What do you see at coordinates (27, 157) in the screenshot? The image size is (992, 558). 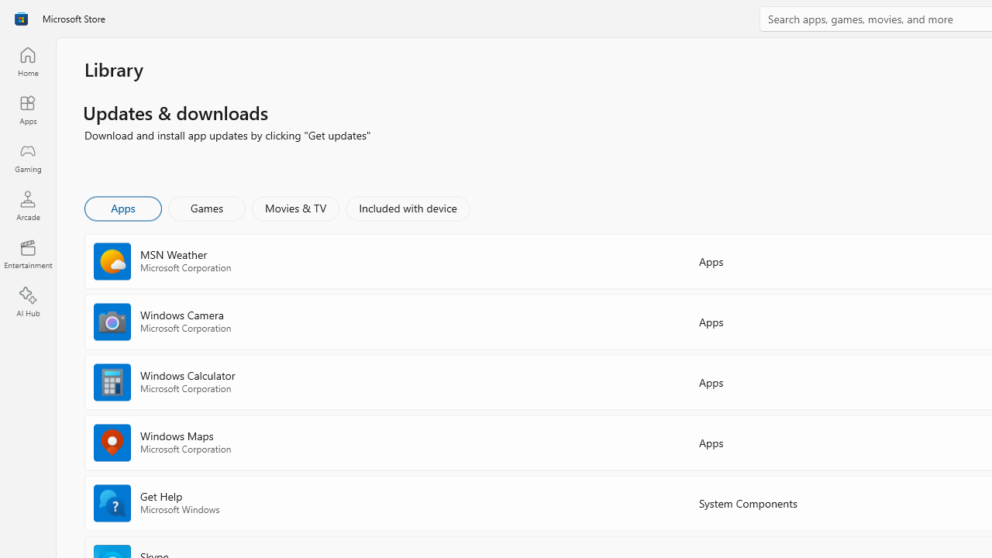 I see `'Gaming'` at bounding box center [27, 157].